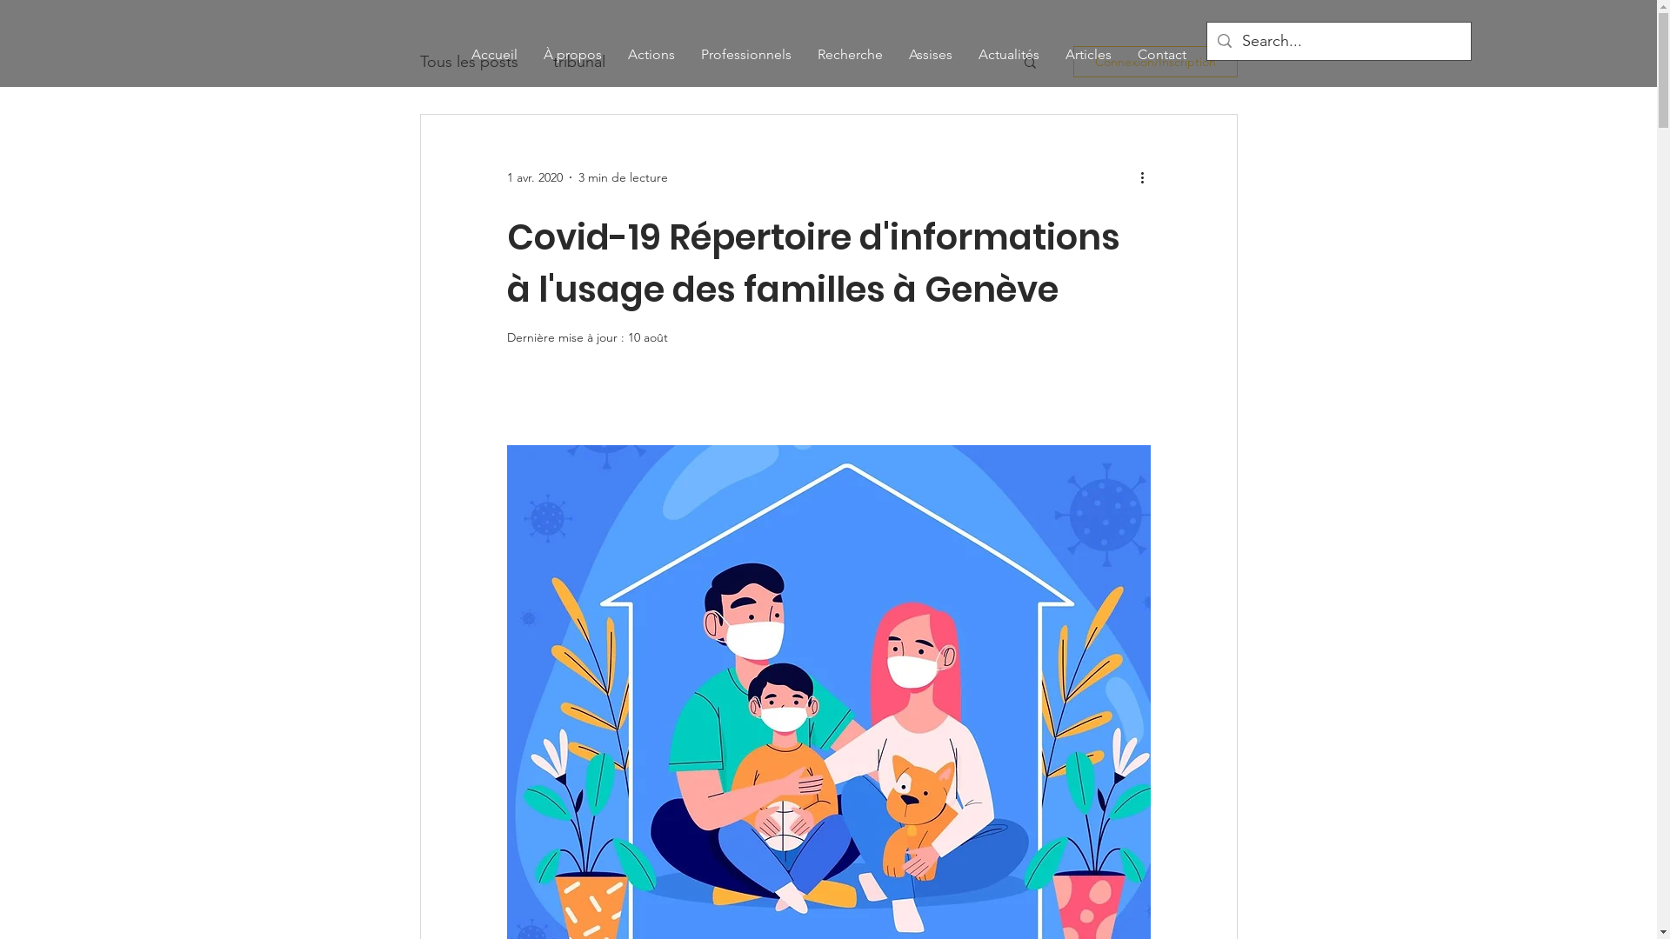  Describe the element at coordinates (468, 60) in the screenshot. I see `'Tous les posts'` at that location.